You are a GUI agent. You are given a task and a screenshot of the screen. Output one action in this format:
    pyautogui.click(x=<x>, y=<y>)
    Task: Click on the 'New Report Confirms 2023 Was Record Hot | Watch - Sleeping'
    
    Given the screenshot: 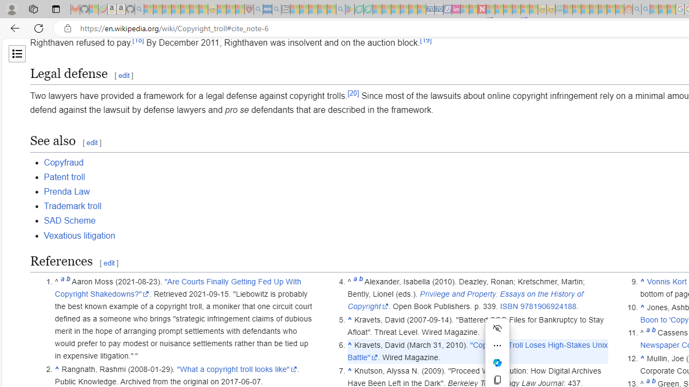 What is the action you would take?
    pyautogui.click(x=185, y=9)
    